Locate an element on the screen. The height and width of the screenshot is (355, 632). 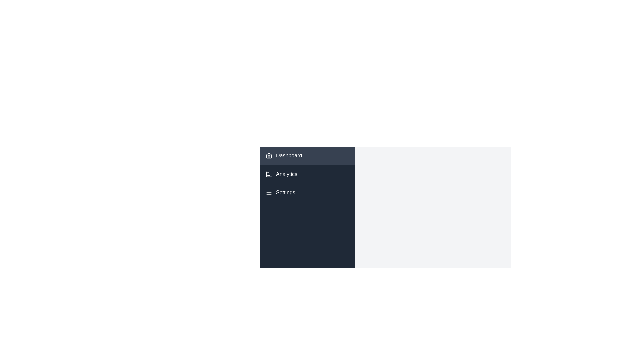
the 'Settings' text label in the menu, which is positioned to the right of the menu icon is located at coordinates (285, 192).